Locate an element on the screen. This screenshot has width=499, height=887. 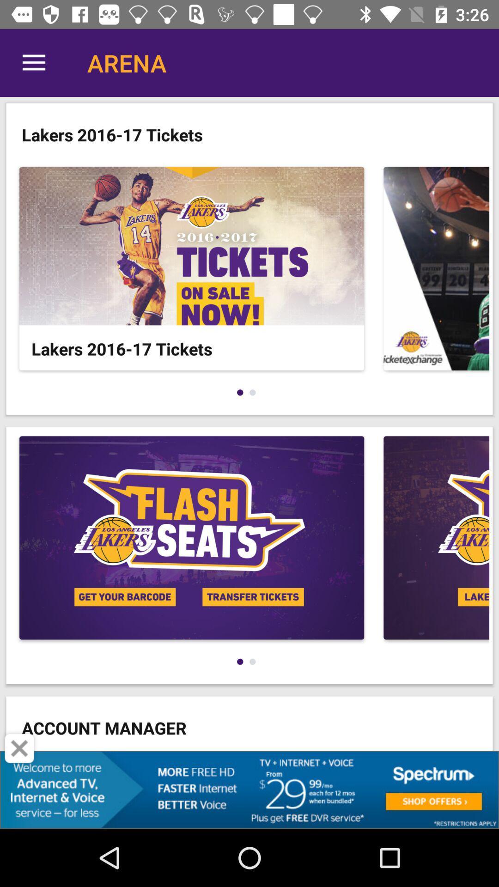
option is located at coordinates (19, 748).